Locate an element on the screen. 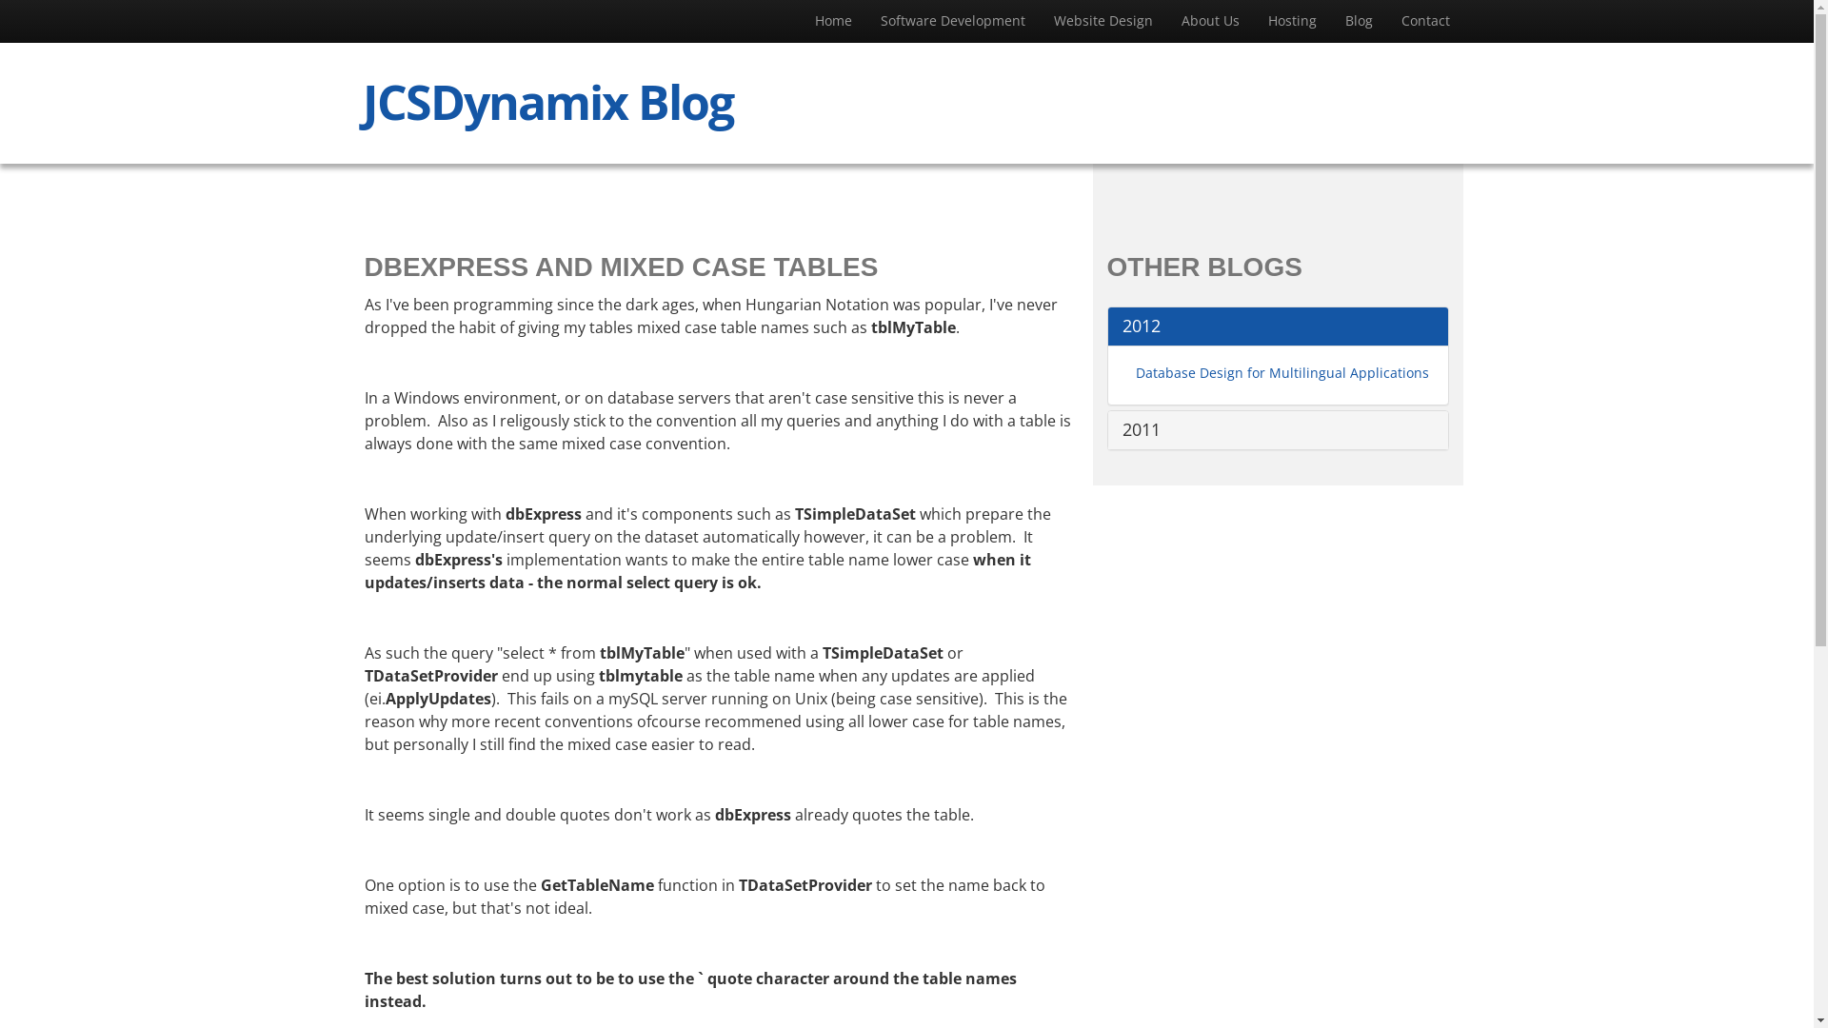 The width and height of the screenshot is (1828, 1028). 'Software Development' is located at coordinates (953, 21).